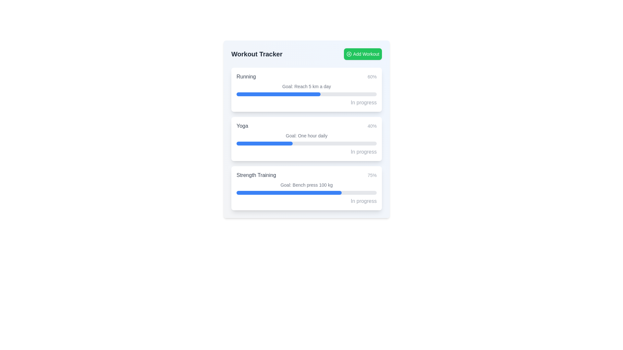 This screenshot has width=623, height=350. What do you see at coordinates (306, 143) in the screenshot?
I see `the progress bar that visually represents the completion status of the user's yoga goal, which is located below the text 'Goal: One hour daily' and above the 'In progress' label` at bounding box center [306, 143].